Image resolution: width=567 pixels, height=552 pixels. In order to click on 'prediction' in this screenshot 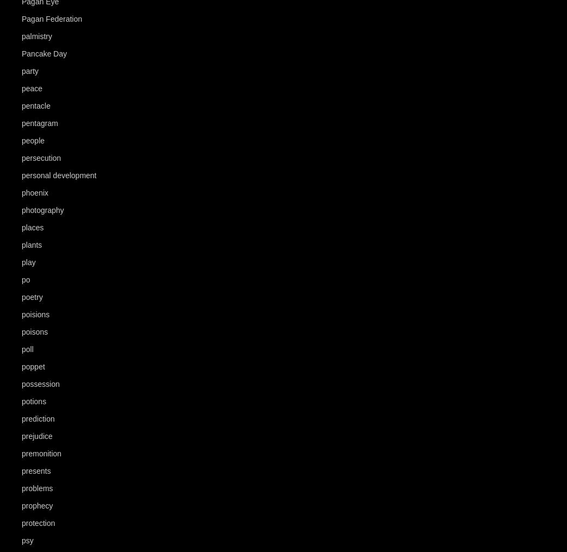, I will do `click(37, 418)`.